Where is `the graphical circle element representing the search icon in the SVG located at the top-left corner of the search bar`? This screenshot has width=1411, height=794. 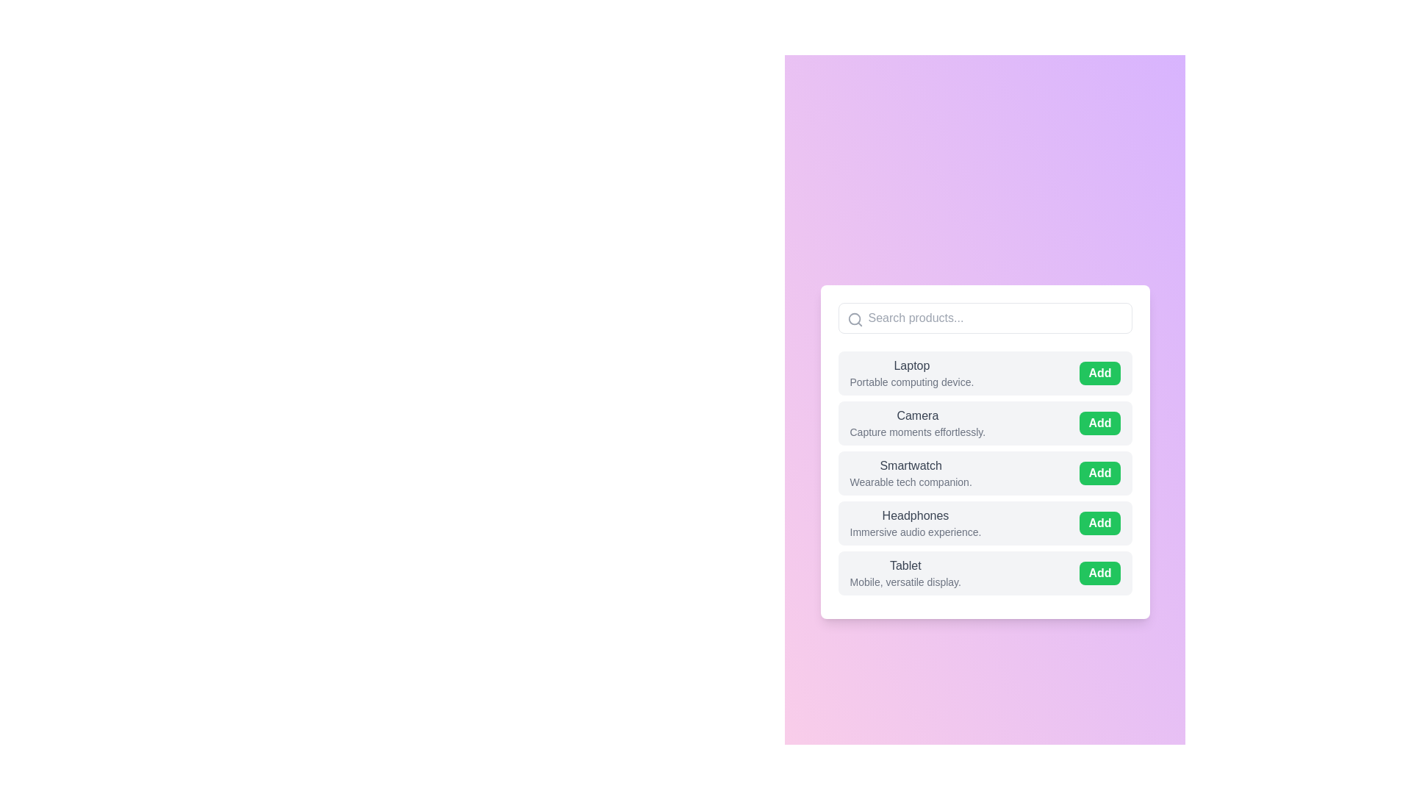
the graphical circle element representing the search icon in the SVG located at the top-left corner of the search bar is located at coordinates (854, 318).